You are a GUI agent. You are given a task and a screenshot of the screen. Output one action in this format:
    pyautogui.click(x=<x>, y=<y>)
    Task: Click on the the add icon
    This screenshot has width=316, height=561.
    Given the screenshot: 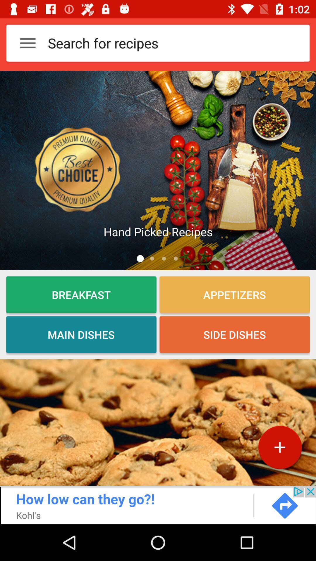 What is the action you would take?
    pyautogui.click(x=279, y=449)
    